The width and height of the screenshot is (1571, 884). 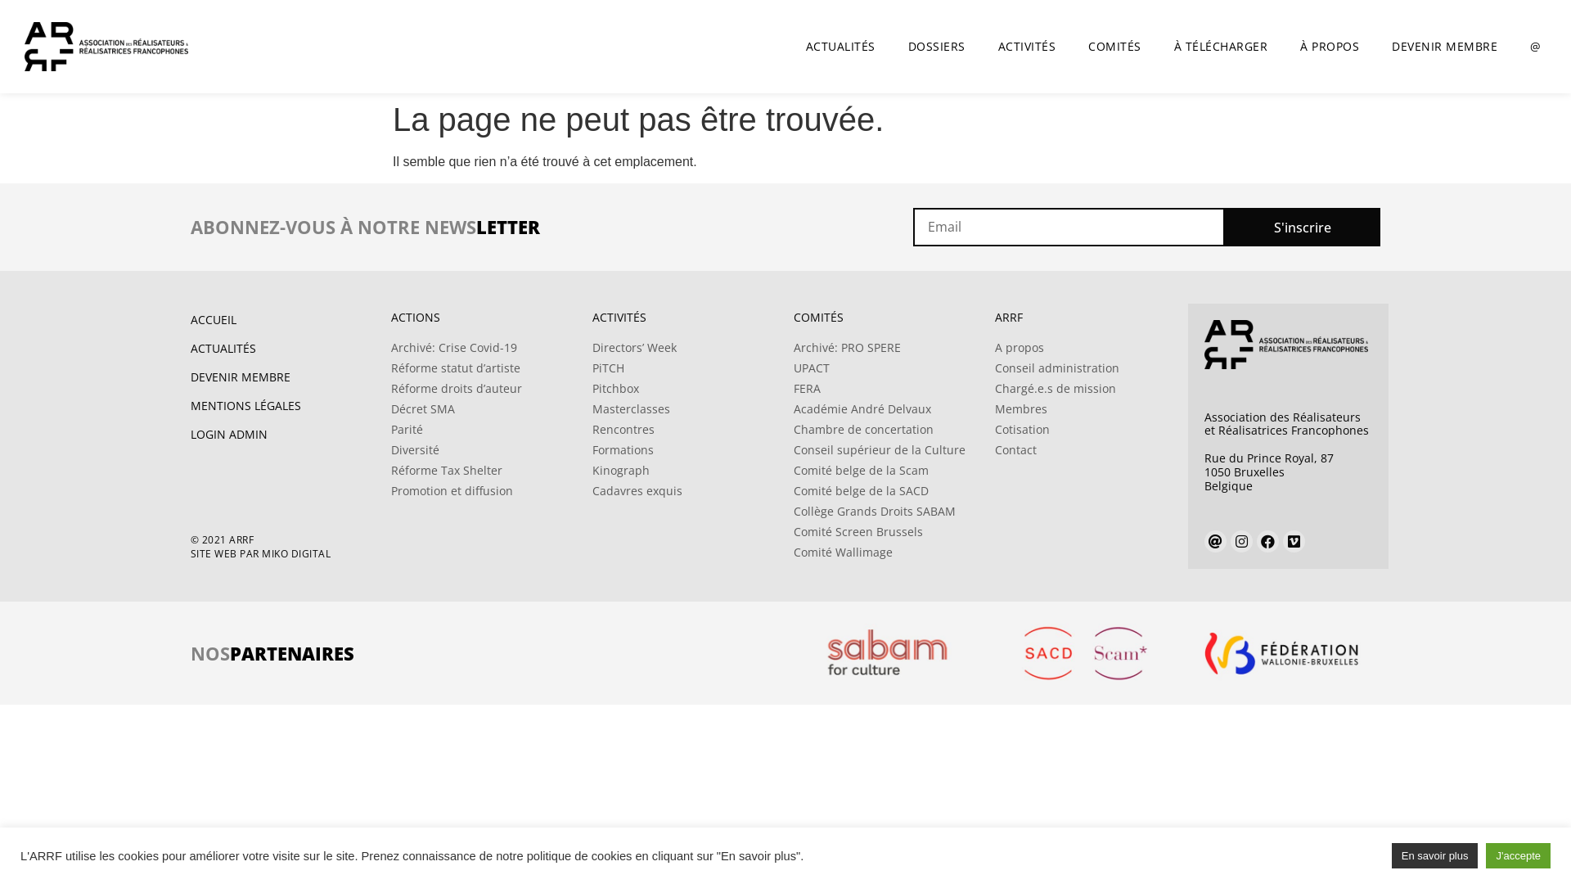 I want to click on 'Cotisation', so click(x=1087, y=428).